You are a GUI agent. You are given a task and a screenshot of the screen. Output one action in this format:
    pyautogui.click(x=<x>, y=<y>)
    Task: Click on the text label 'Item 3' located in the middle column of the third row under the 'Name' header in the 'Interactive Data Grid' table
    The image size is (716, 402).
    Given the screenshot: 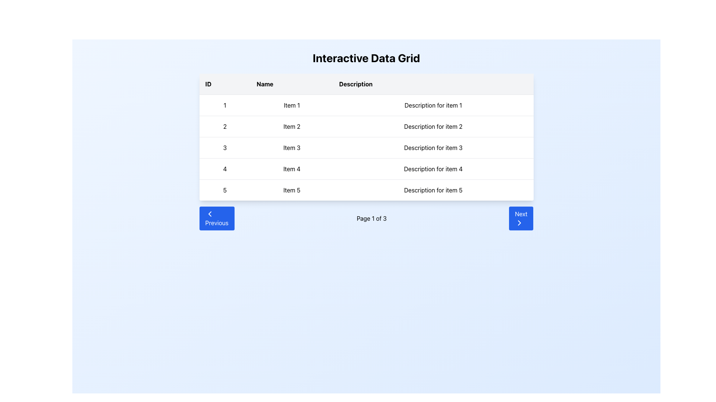 What is the action you would take?
    pyautogui.click(x=291, y=148)
    